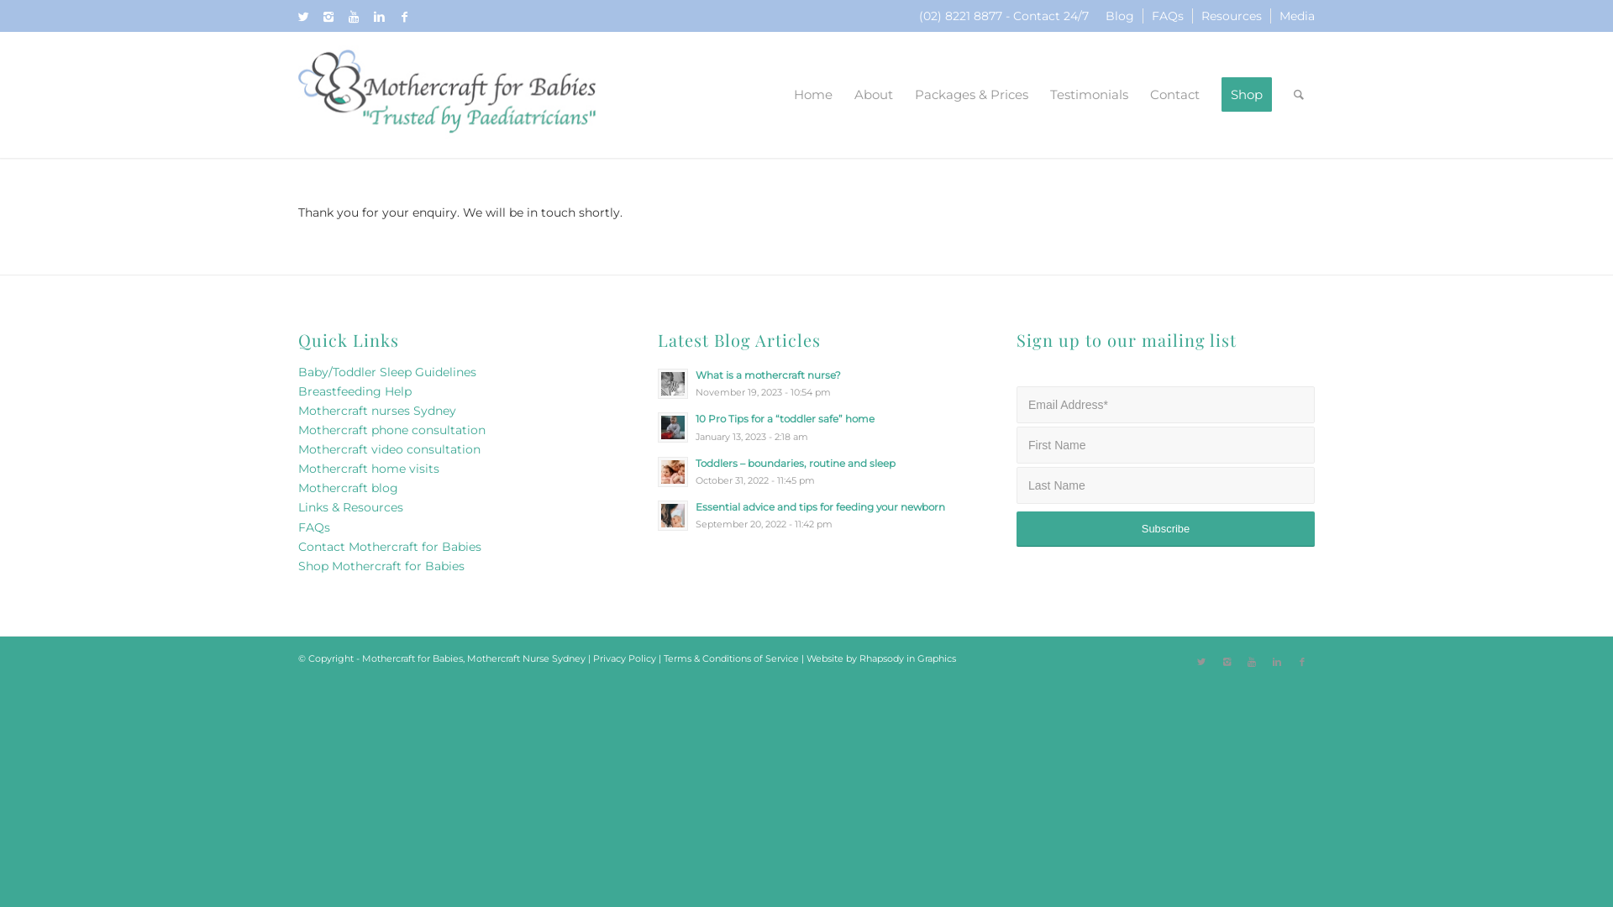  Describe the element at coordinates (386, 371) in the screenshot. I see `'Baby/Toddler Sleep Guidelines'` at that location.